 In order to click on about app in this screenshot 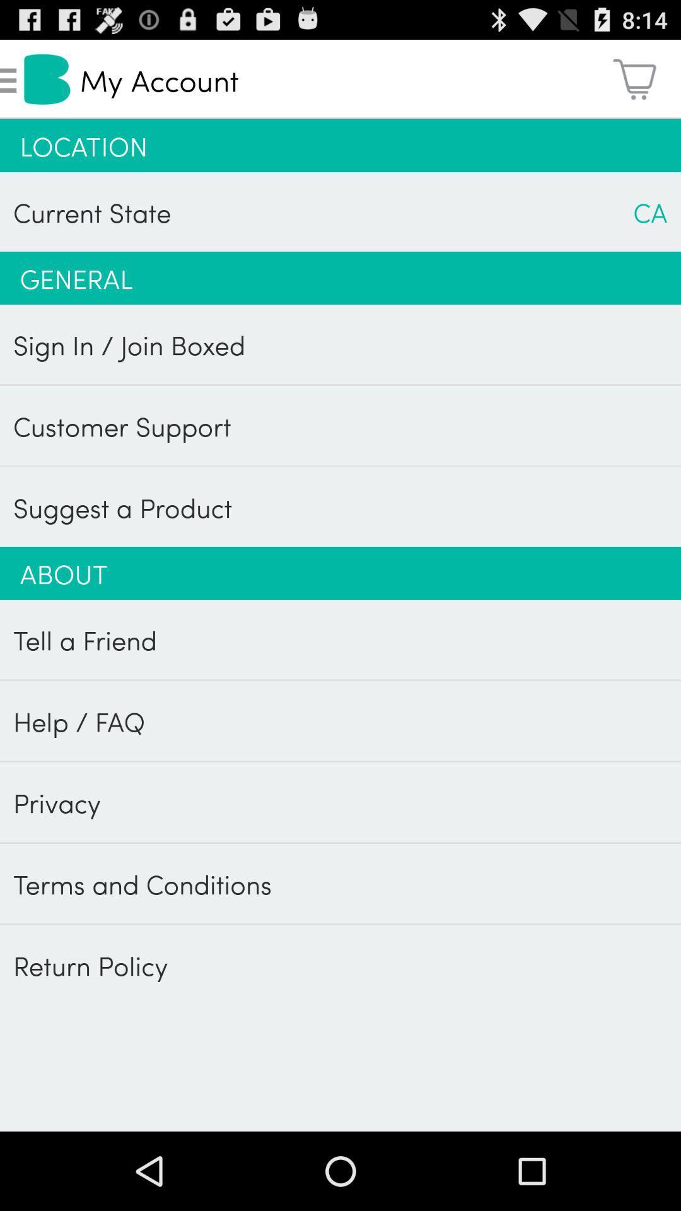, I will do `click(340, 572)`.